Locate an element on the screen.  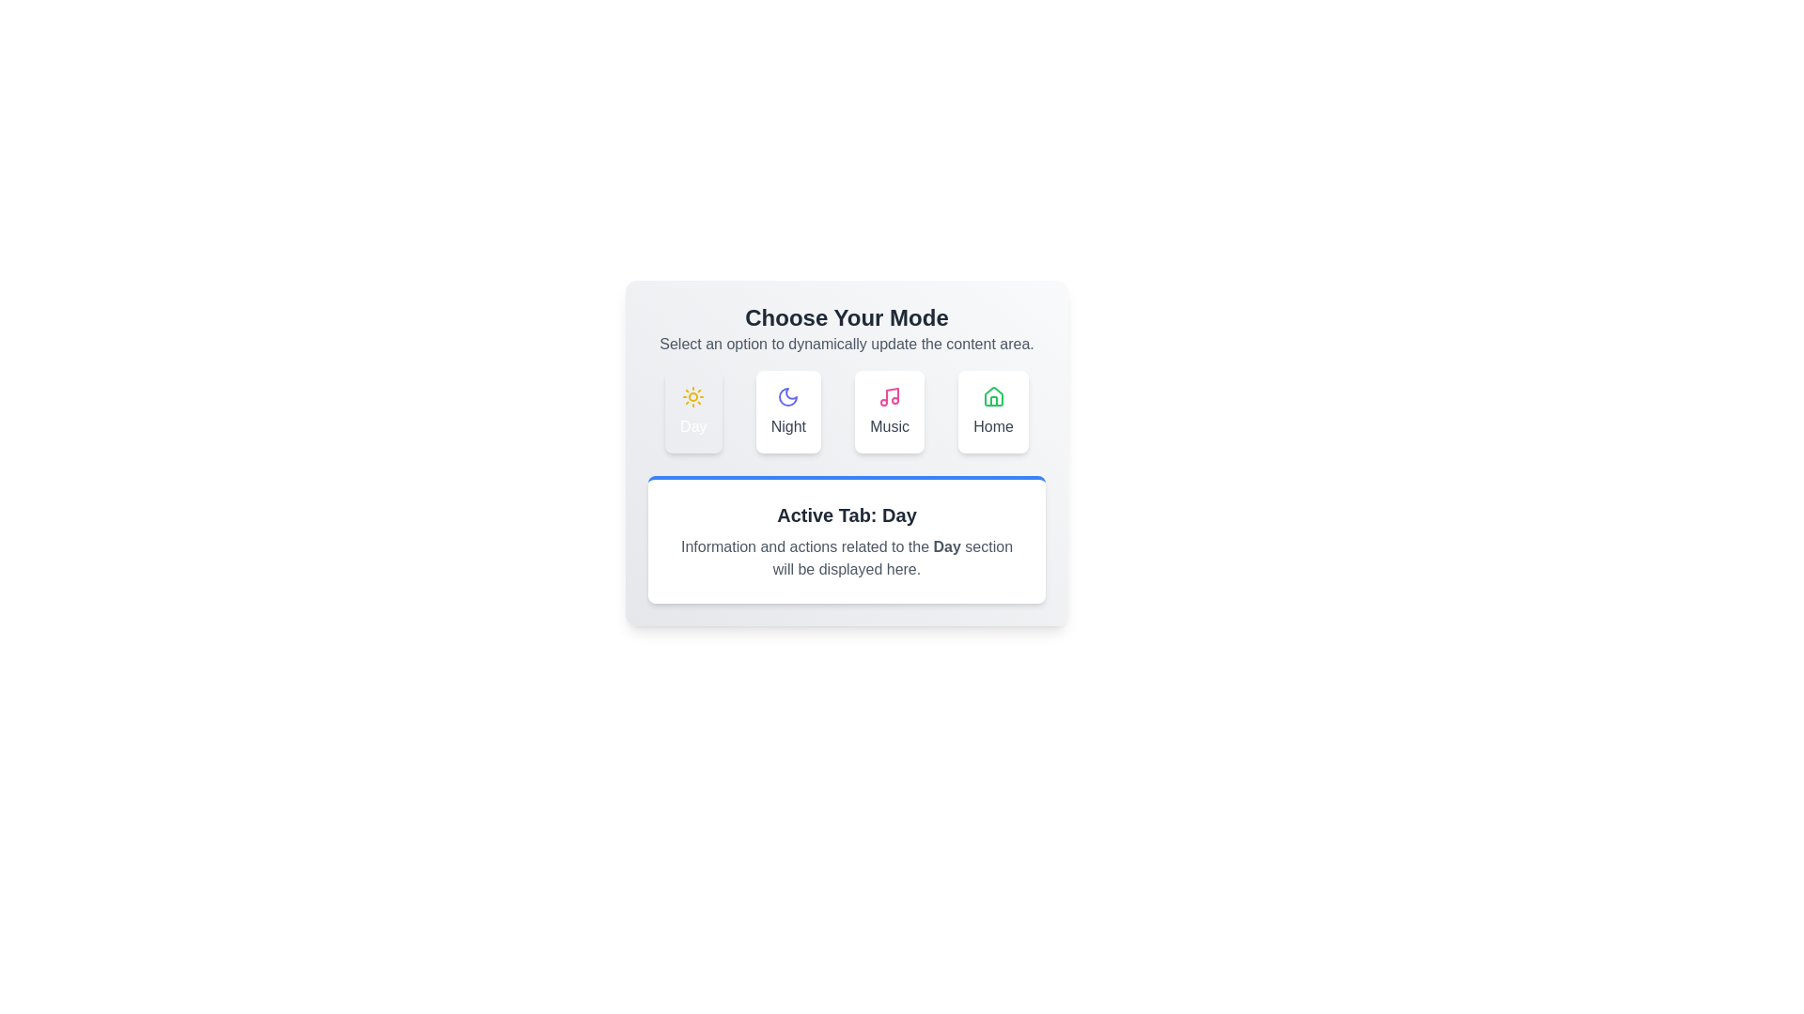
the 'Day' mode SVG icon, which visually represents the 'Day' mode option in the mode-selection interface is located at coordinates (692, 396).